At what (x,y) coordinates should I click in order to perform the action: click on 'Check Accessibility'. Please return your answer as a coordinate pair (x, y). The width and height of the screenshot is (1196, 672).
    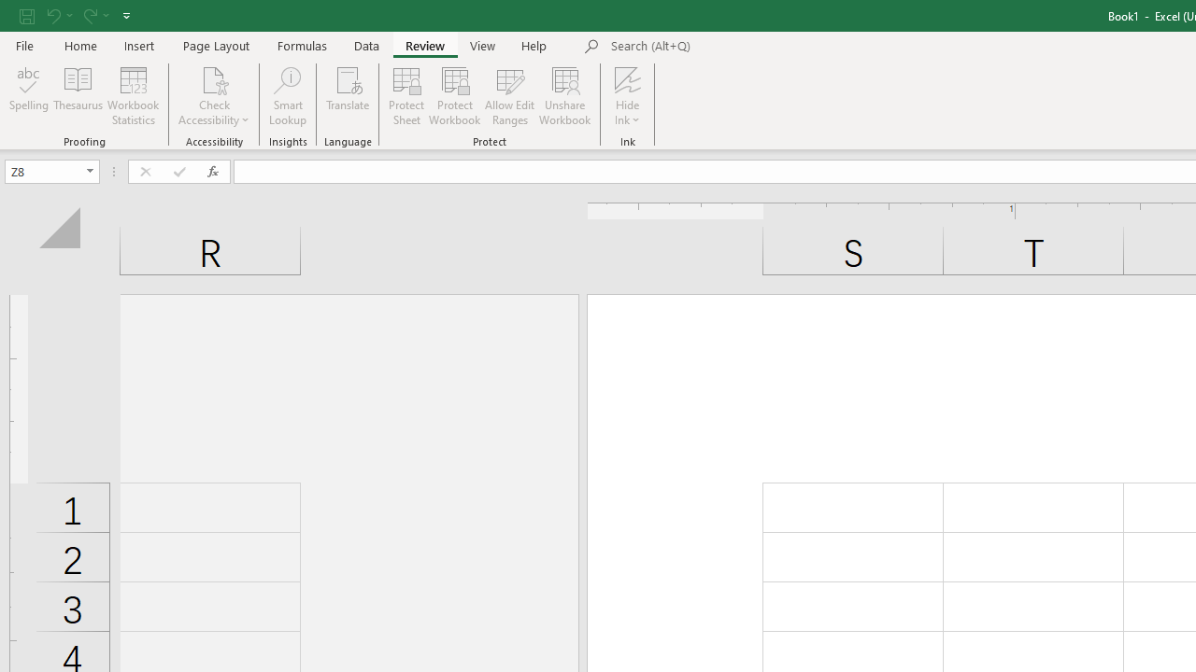
    Looking at the image, I should click on (214, 78).